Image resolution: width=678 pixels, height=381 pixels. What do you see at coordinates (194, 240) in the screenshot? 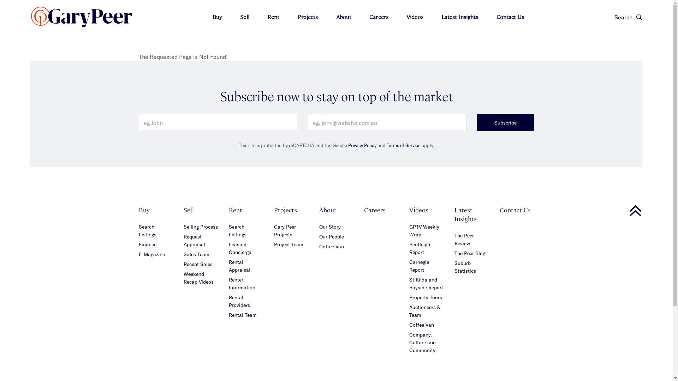
I see `'Request Appraisal'` at bounding box center [194, 240].